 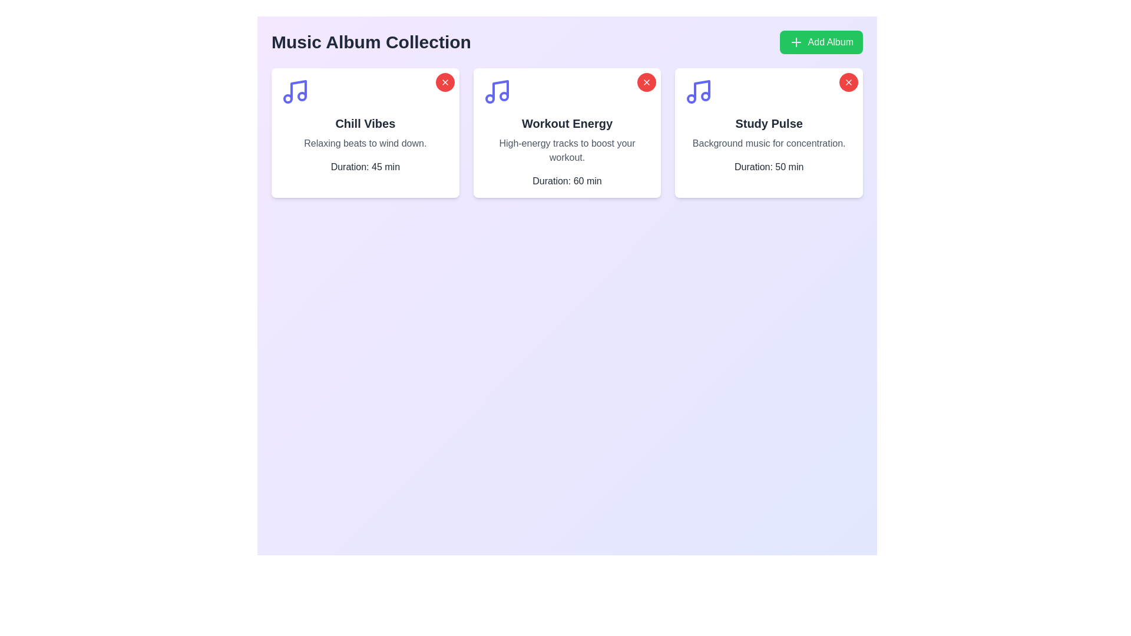 What do you see at coordinates (299, 90) in the screenshot?
I see `outlined music note icon in the 'Chill Vibes' album card, located at the top-left of the three cards displayed horizontally` at bounding box center [299, 90].